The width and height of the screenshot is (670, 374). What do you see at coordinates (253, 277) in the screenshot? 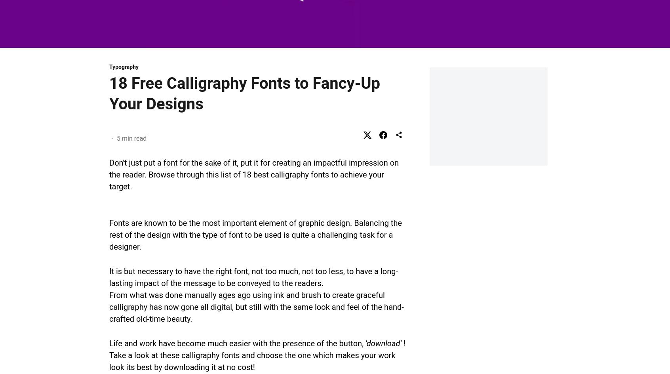
I see `'It is but necessary to have the right font, not too much, not too less, to have a long-lasting impact of the message to be conveyed to the readers.'` at bounding box center [253, 277].